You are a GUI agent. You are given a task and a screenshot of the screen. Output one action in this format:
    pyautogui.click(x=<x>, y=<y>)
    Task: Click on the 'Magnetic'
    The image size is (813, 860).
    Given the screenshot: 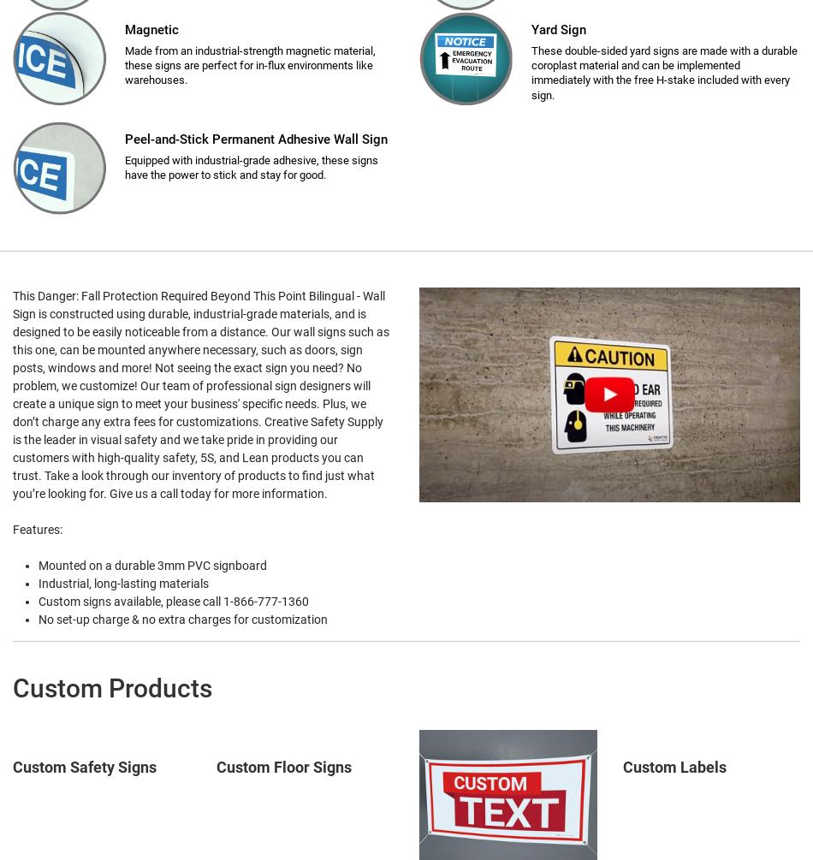 What is the action you would take?
    pyautogui.click(x=151, y=28)
    